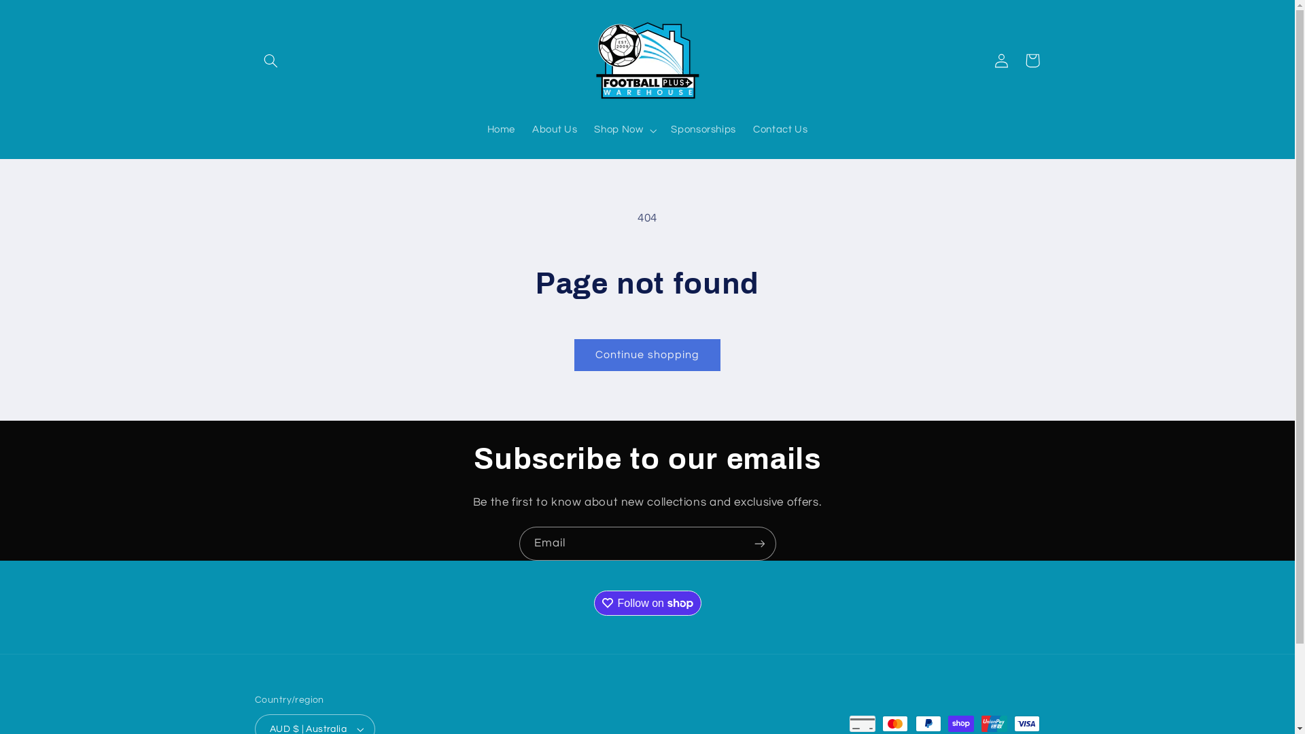 The height and width of the screenshot is (734, 1305). I want to click on 'Log in', so click(985, 59).